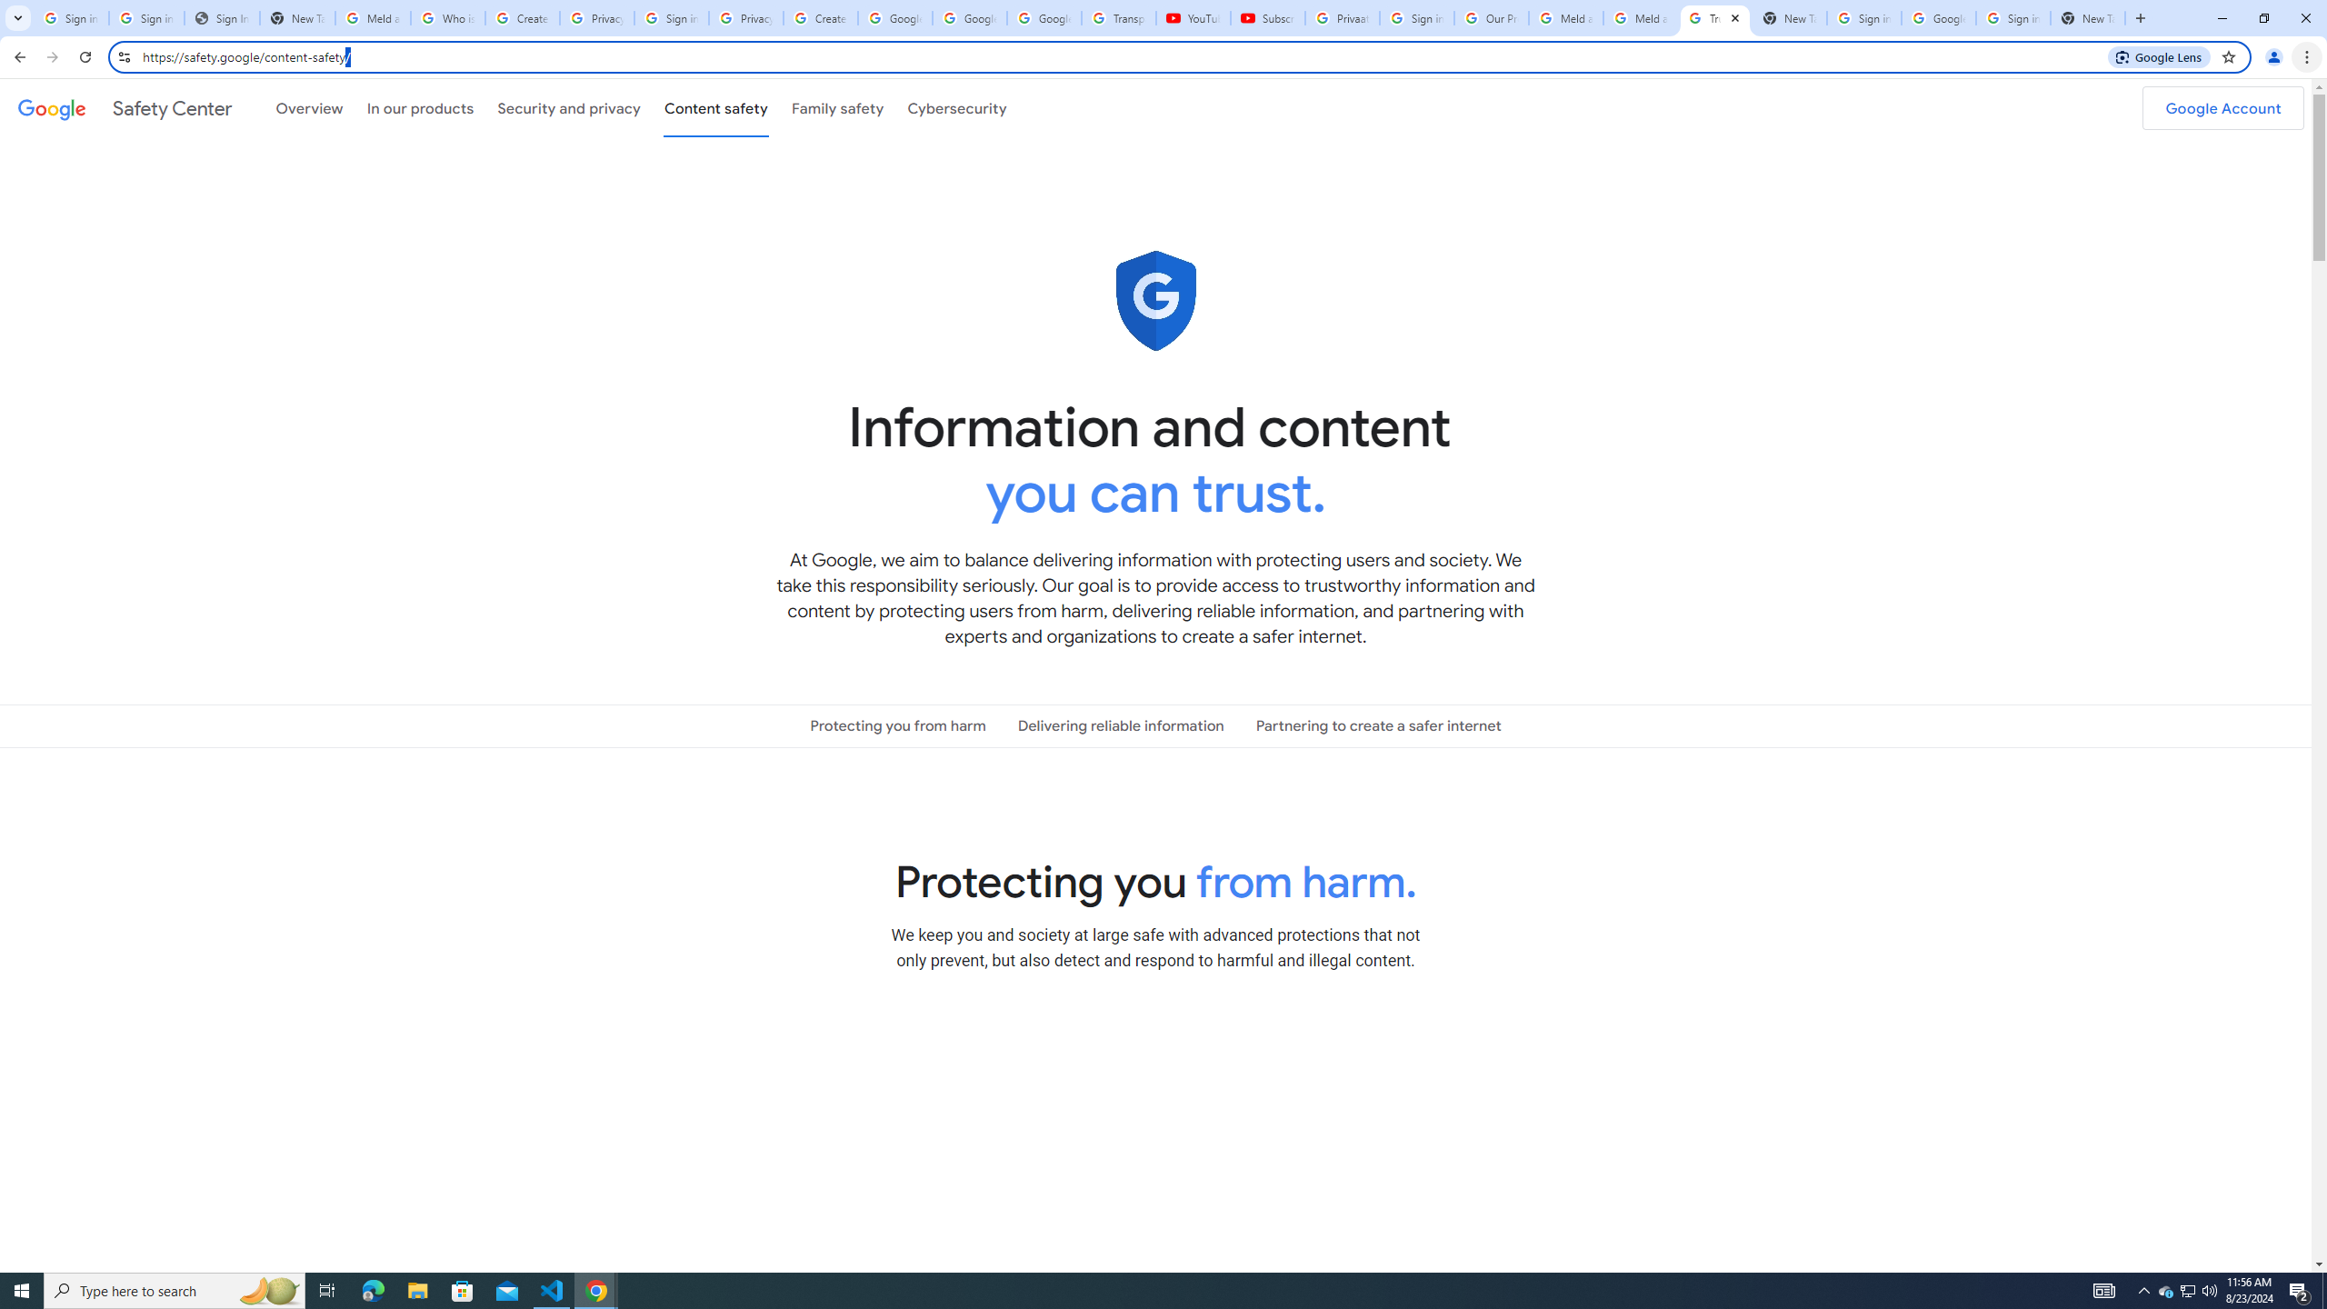 Image resolution: width=2327 pixels, height=1309 pixels. What do you see at coordinates (125, 107) in the screenshot?
I see `'Safety Center'` at bounding box center [125, 107].